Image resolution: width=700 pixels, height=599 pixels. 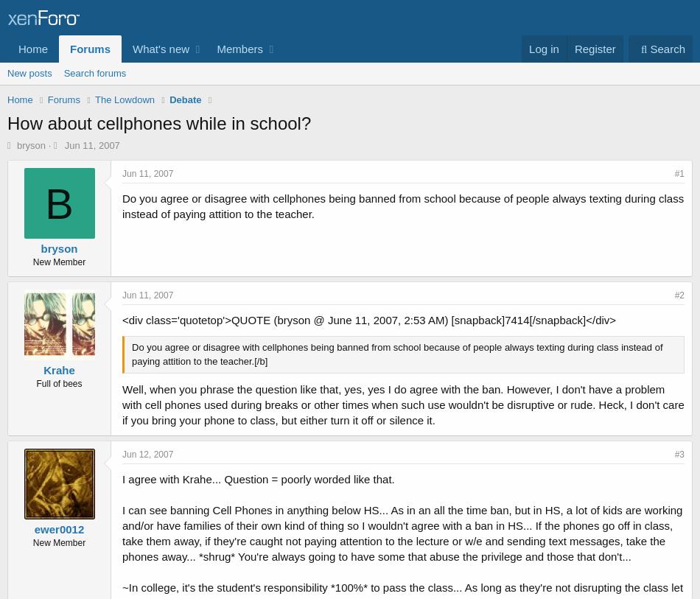 What do you see at coordinates (58, 383) in the screenshot?
I see `'Full of bees'` at bounding box center [58, 383].